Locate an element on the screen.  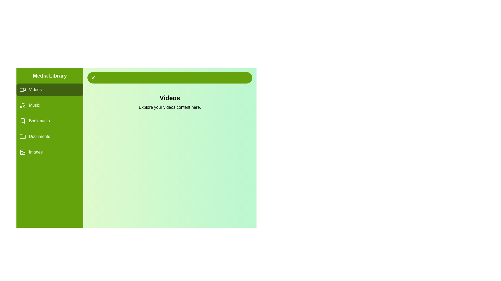
the toggle button to change the drawer's state is located at coordinates (170, 78).